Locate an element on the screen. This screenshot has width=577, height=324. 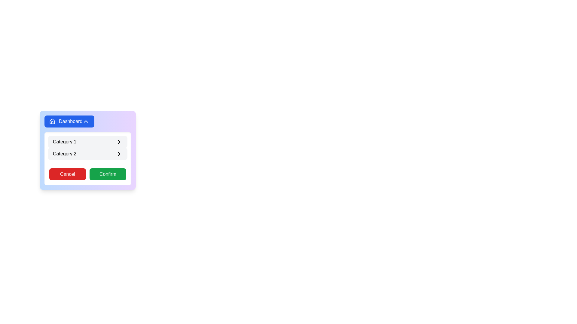
the vertically stacked pair of rectangular blocks containing category names and chevron icons, which is located below the blue 'Dashboard' section and above the 'Cancel' and 'Confirm' buttons is located at coordinates (87, 148).